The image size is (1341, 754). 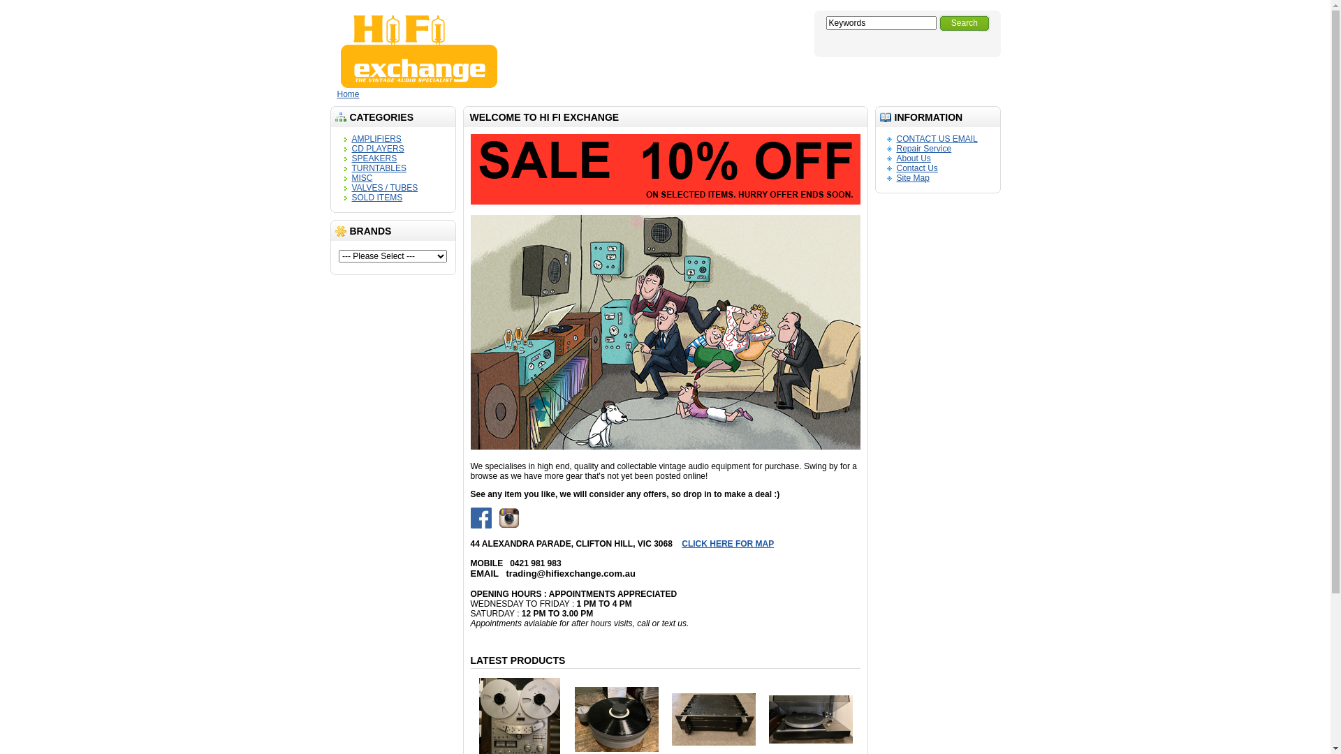 I want to click on 'SOLD ITEMS', so click(x=377, y=197).